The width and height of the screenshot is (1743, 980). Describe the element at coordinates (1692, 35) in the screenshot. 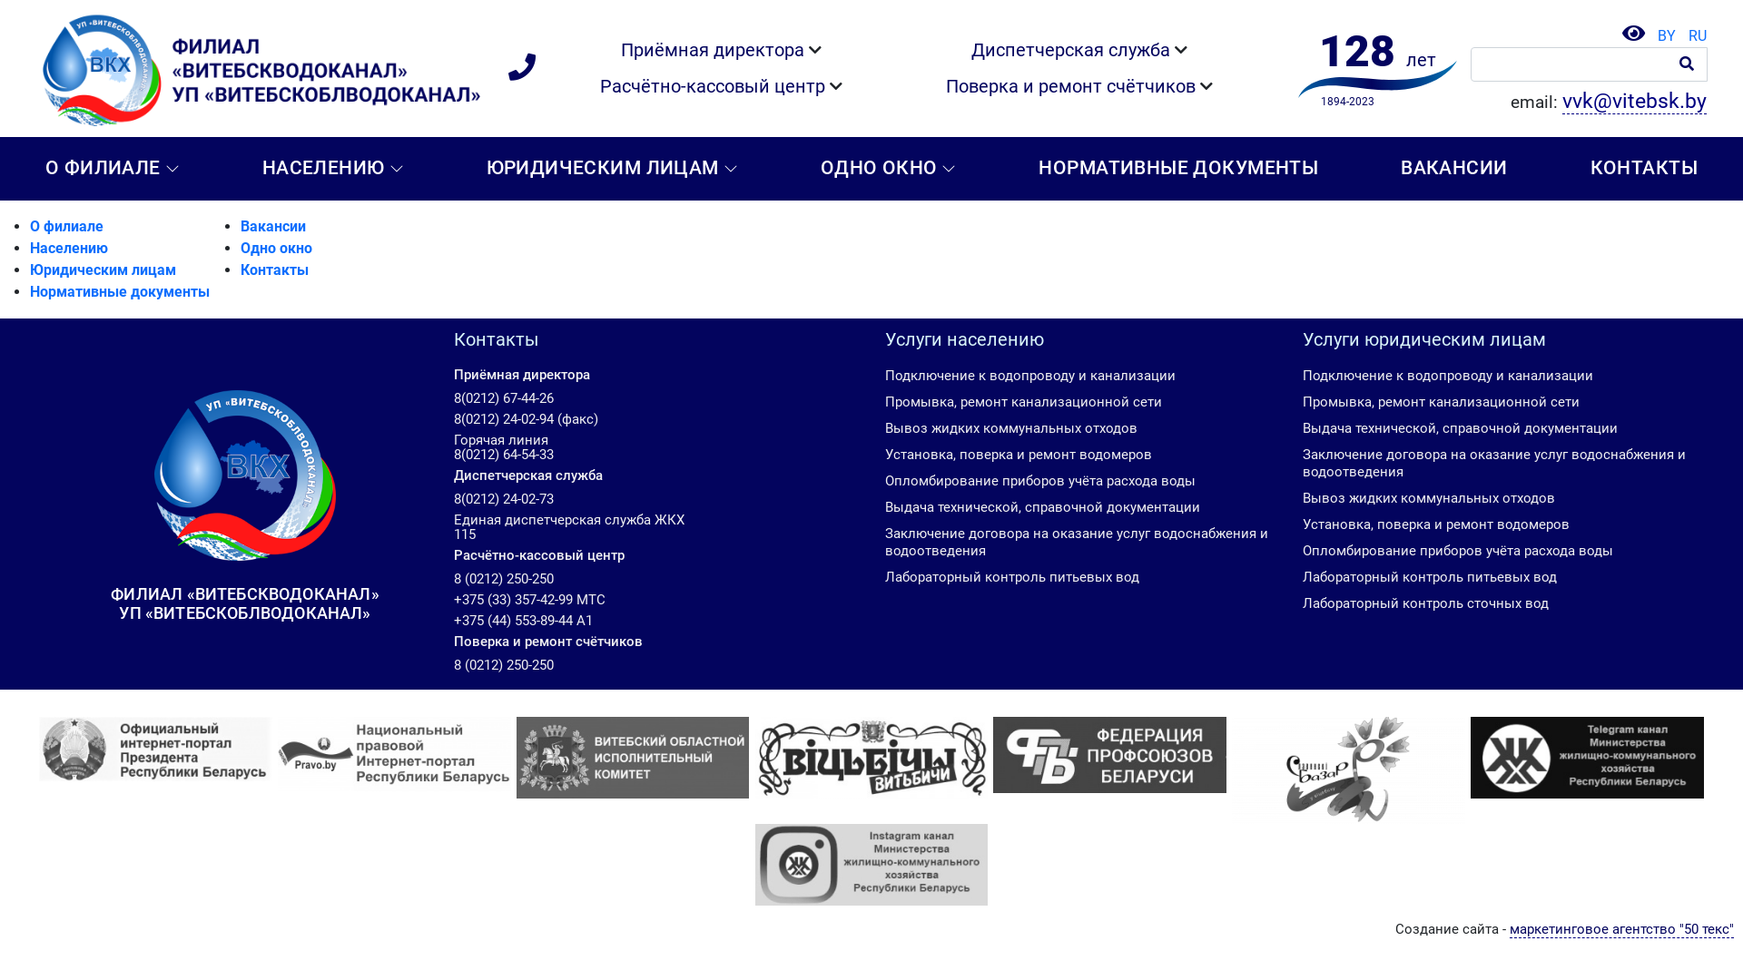

I see `'RU'` at that location.